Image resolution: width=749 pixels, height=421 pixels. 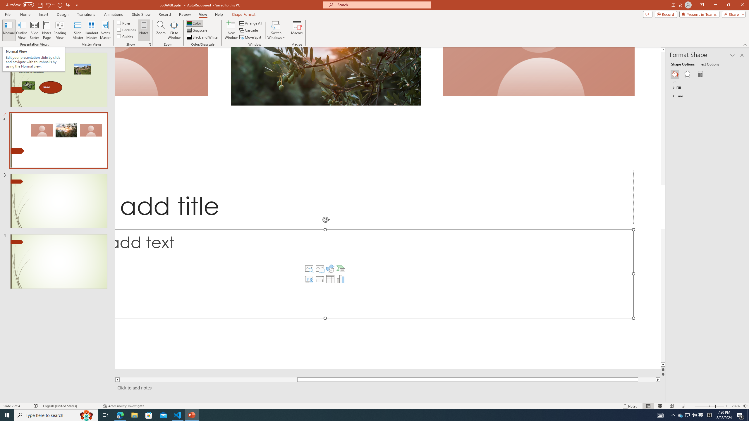 I want to click on 'Content Placeholder', so click(x=374, y=274).